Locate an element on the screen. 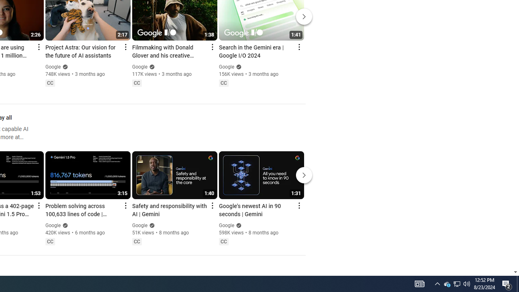 Image resolution: width=519 pixels, height=292 pixels. 'Next' is located at coordinates (304, 175).